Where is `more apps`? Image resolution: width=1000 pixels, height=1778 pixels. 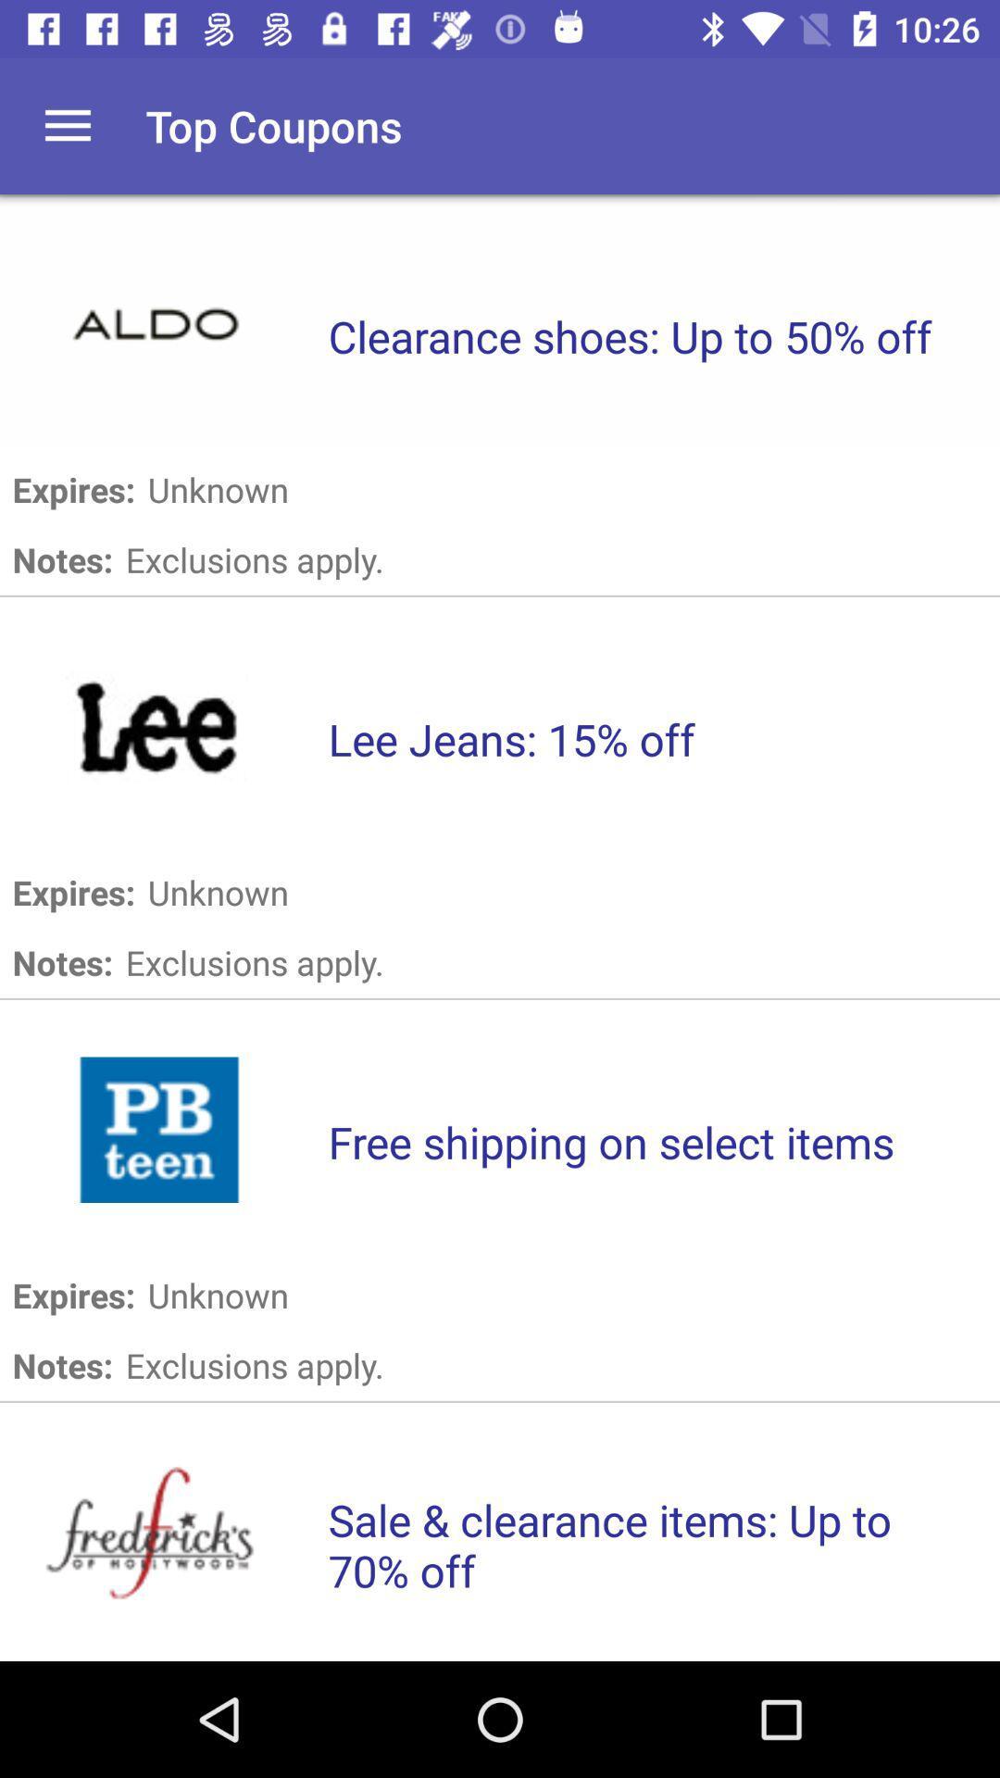 more apps is located at coordinates (67, 125).